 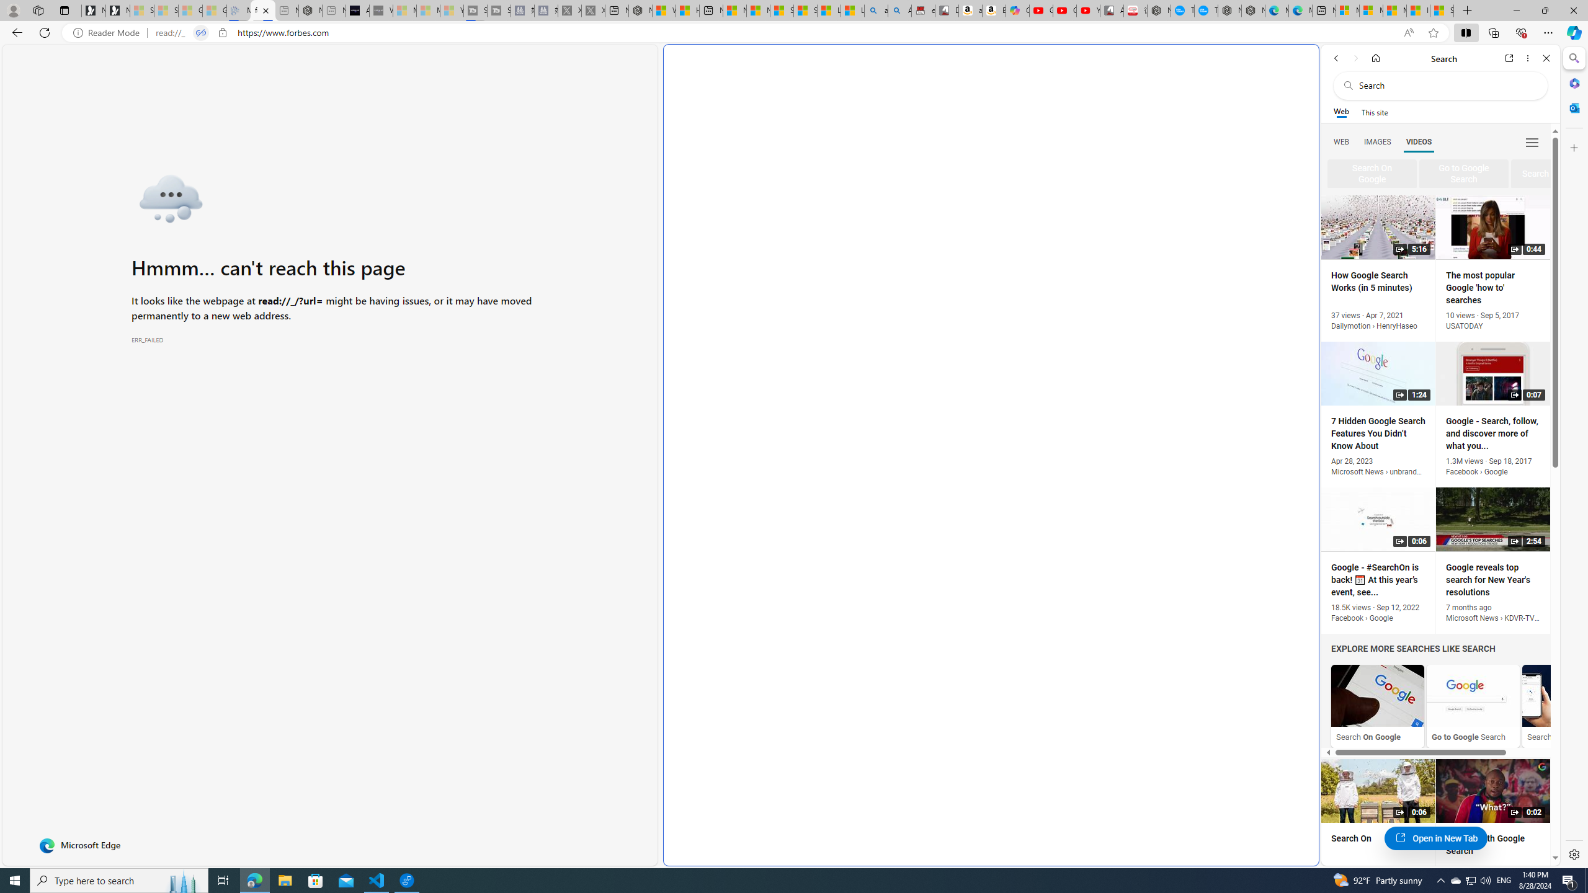 What do you see at coordinates (1574, 456) in the screenshot?
I see `'Side bar'` at bounding box center [1574, 456].